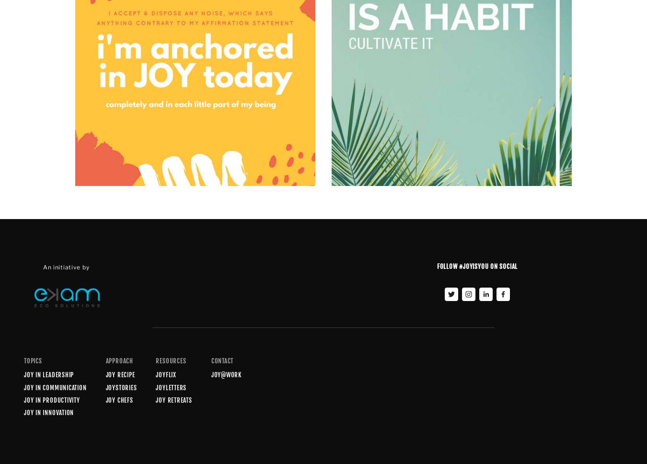 This screenshot has width=647, height=464. Describe the element at coordinates (120, 387) in the screenshot. I see `'JoyStories'` at that location.